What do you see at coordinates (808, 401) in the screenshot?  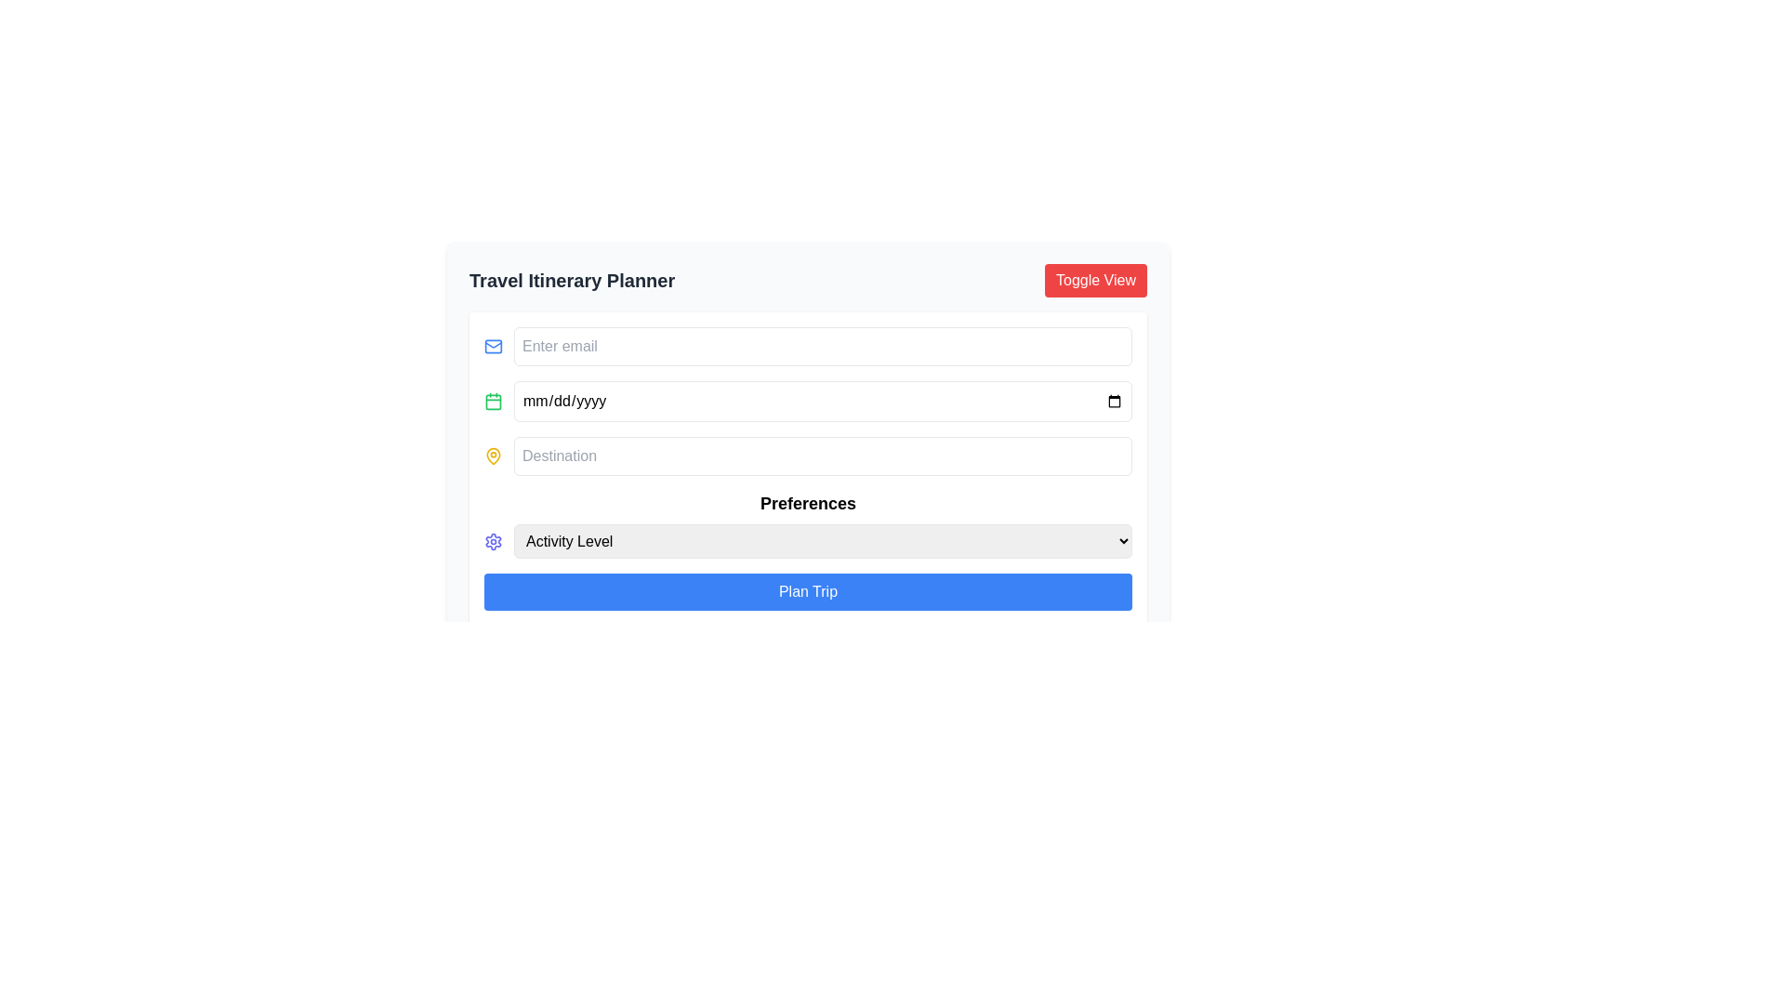 I see `the Date Picker Input Field with placeholder 'mm/dd/yyyy' located within the 'Travel Itinerary Planner' form` at bounding box center [808, 401].